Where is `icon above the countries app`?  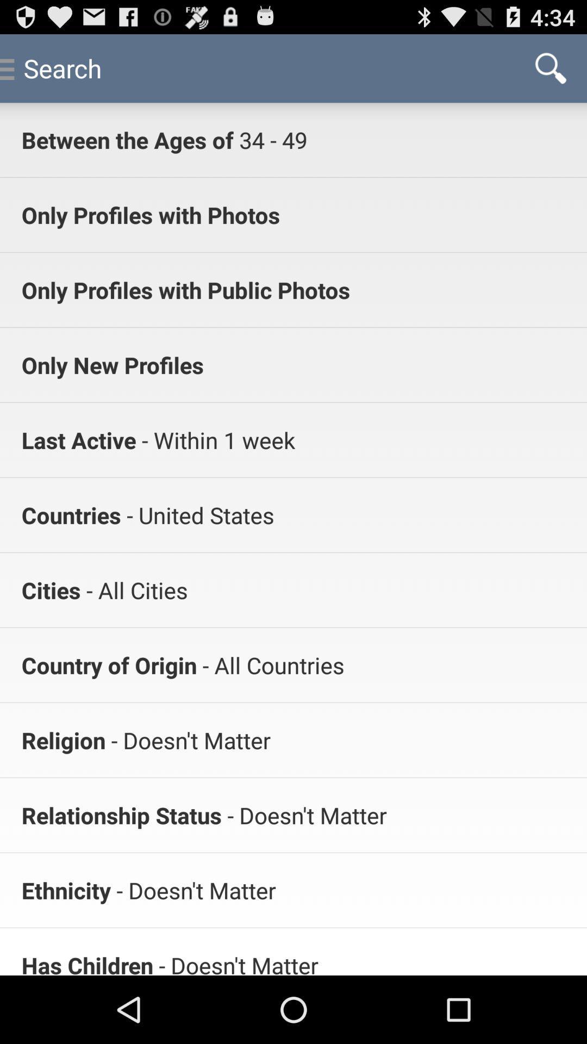
icon above the countries app is located at coordinates (78, 440).